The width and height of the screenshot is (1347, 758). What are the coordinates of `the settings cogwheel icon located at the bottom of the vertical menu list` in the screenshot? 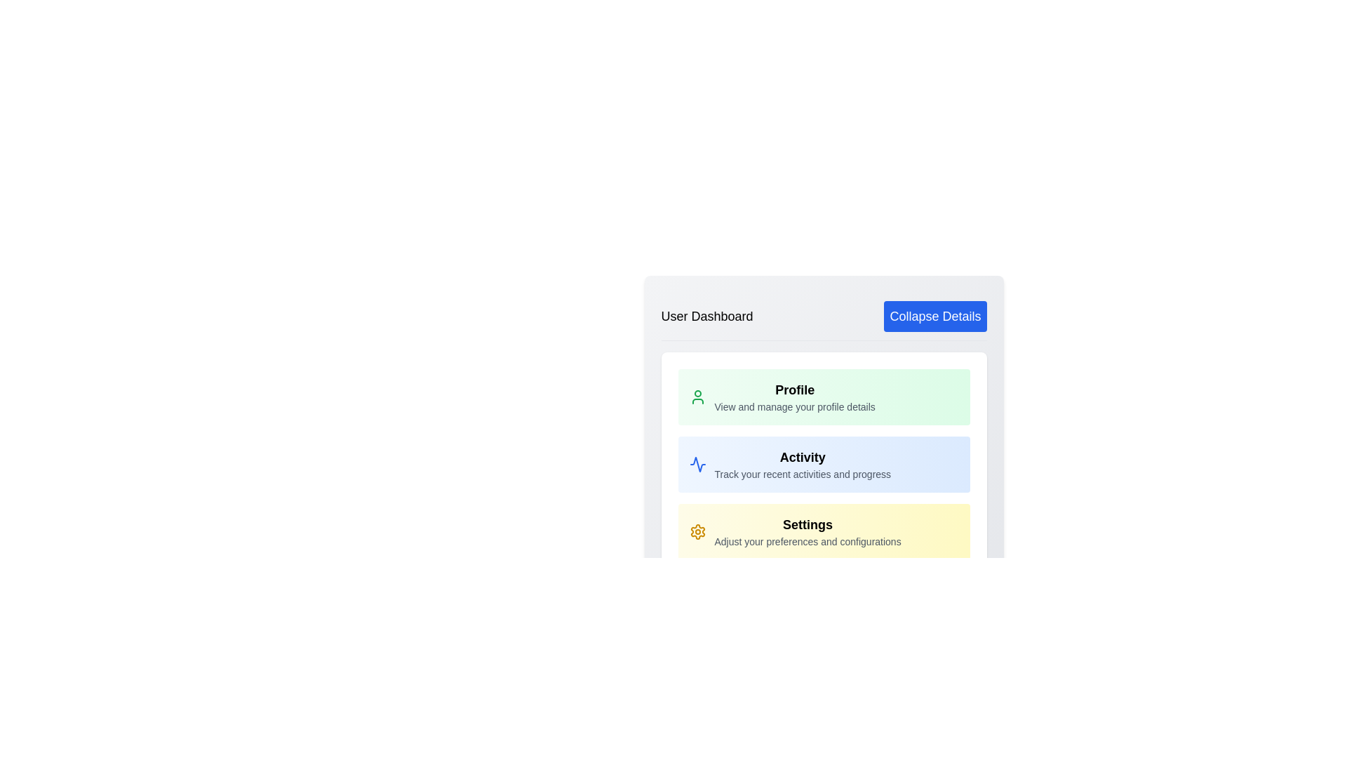 It's located at (697, 532).